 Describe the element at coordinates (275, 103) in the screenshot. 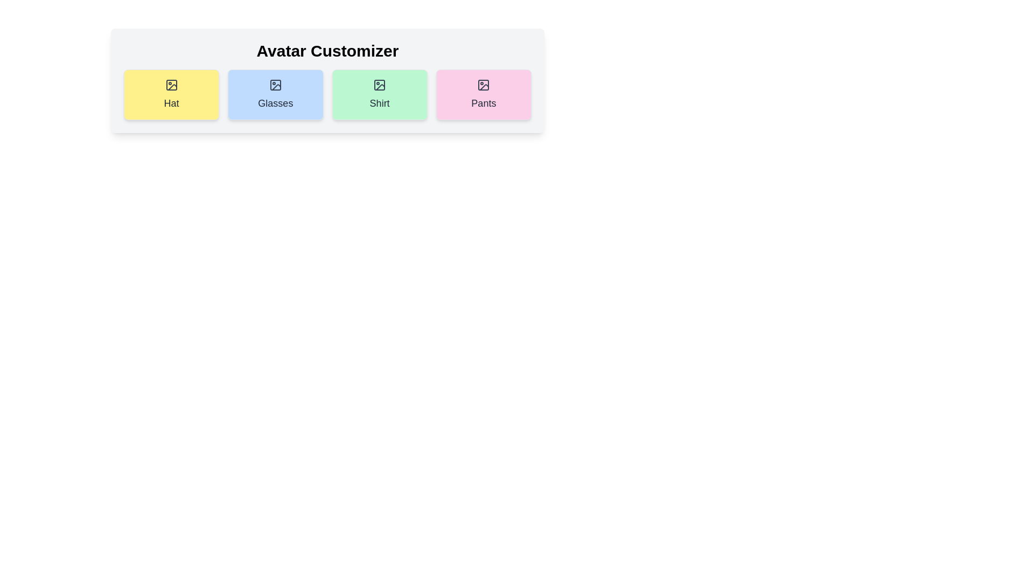

I see `the 'Glasses' text label which is centrally placed within a light blue background in the Avatar Customizer section` at that location.